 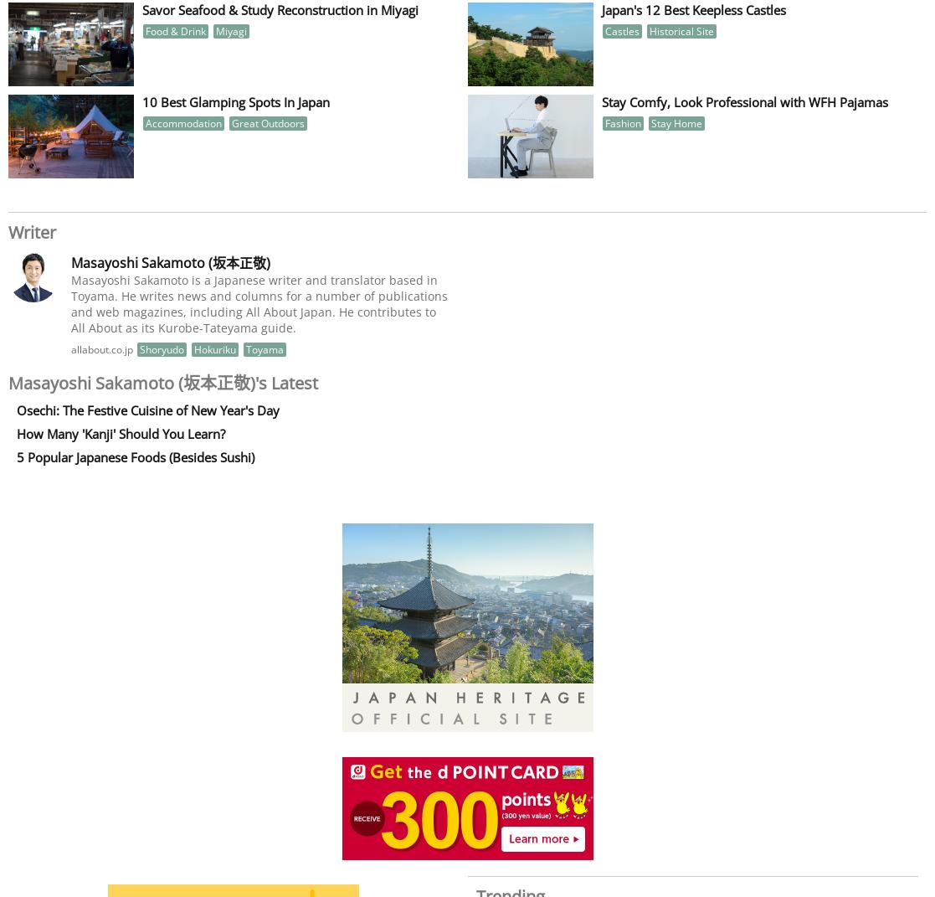 I want to click on 'Masayoshi Sakamoto (坂本正敬)'s Latest', so click(x=8, y=382).